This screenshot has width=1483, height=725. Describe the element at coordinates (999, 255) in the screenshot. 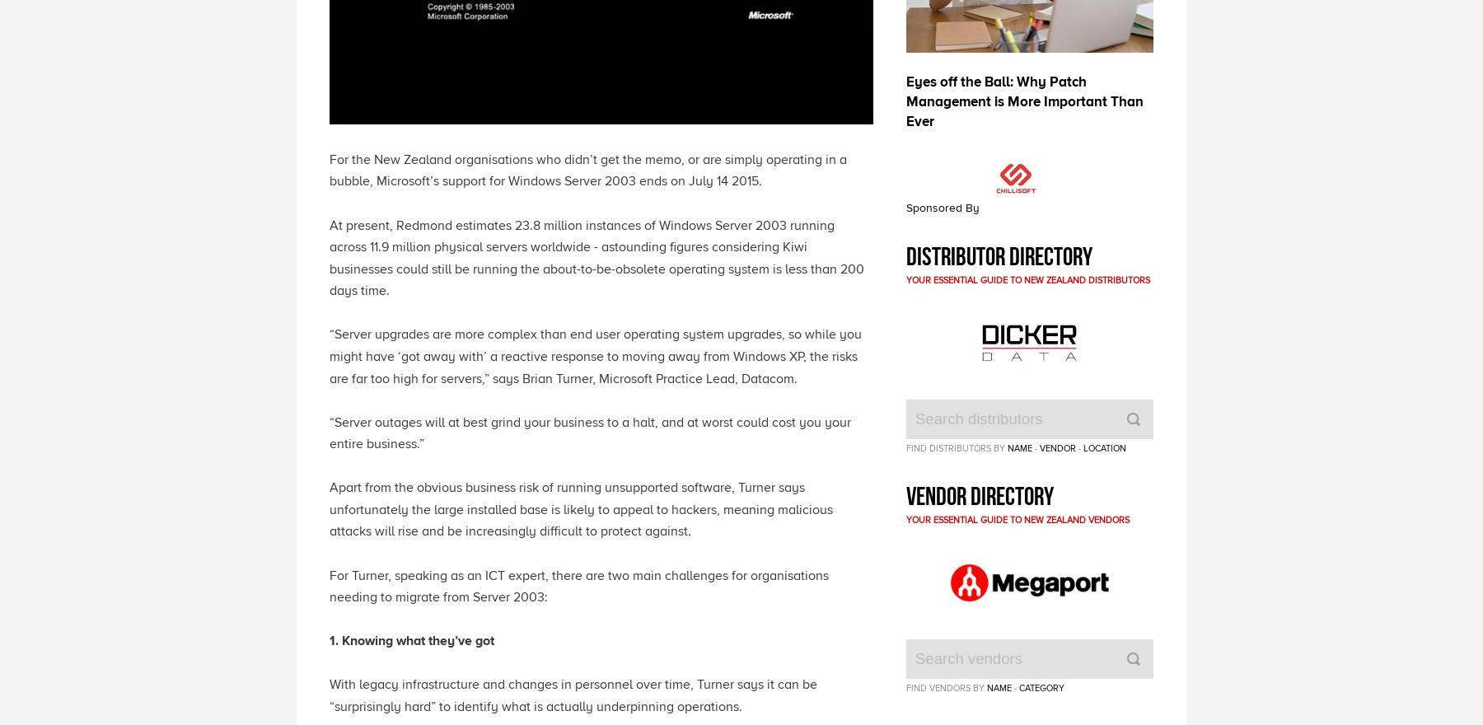

I see `'Distributor Directory'` at that location.